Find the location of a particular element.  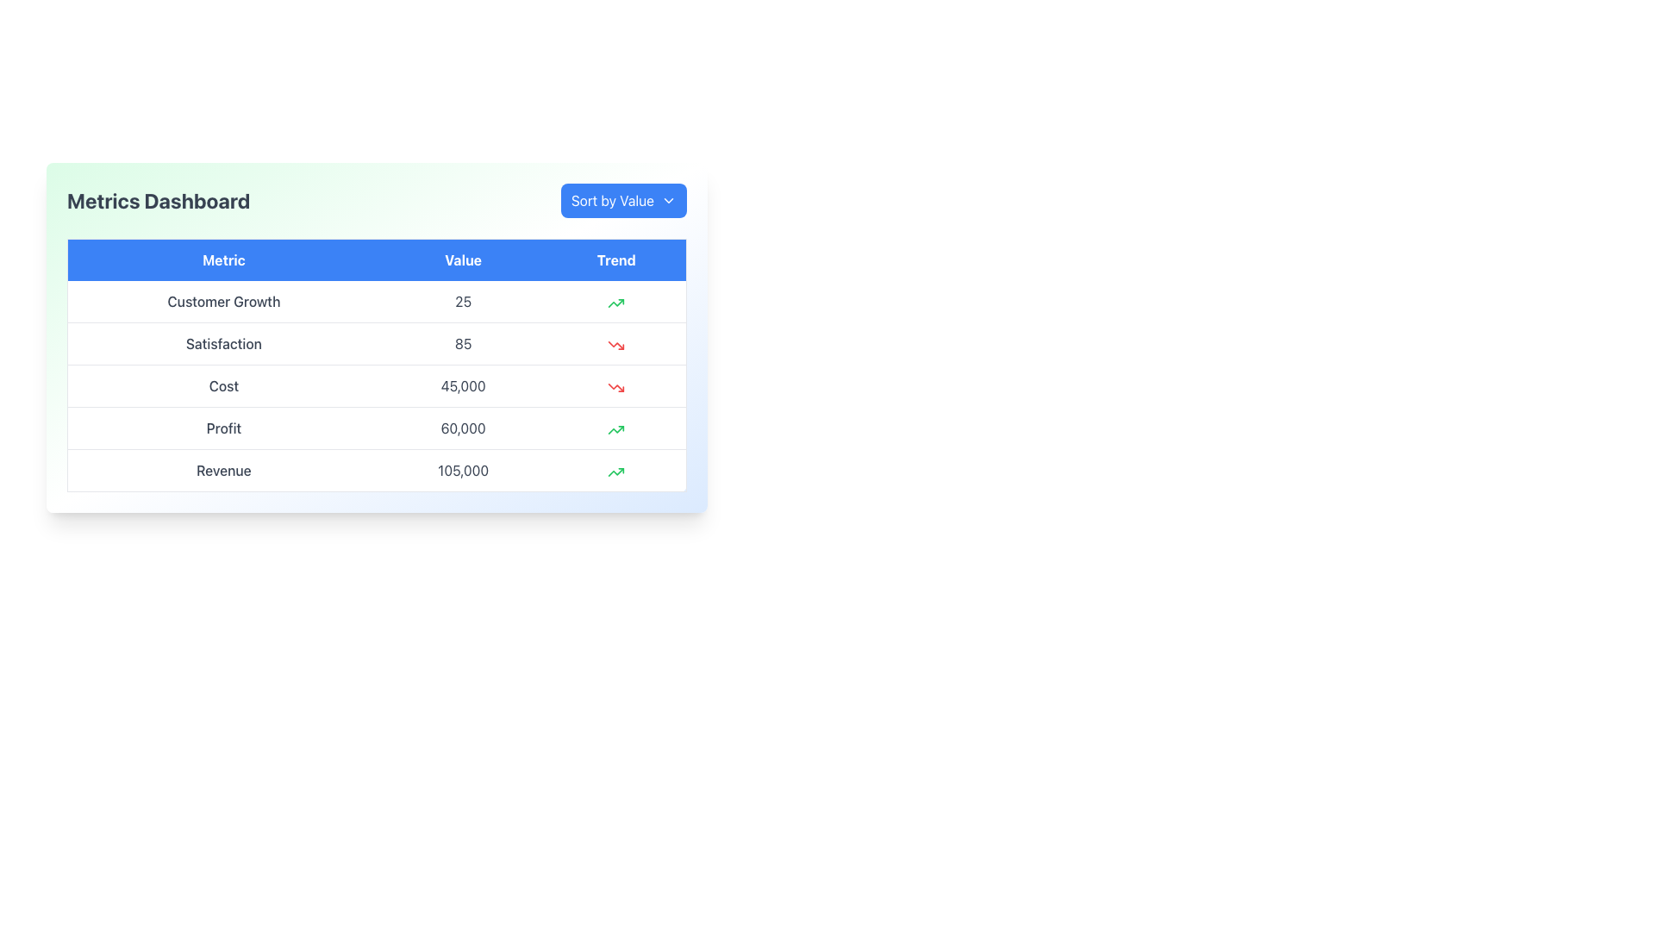

the 'Value' table header to sort the column in the Metrics Dashboard is located at coordinates (463, 259).